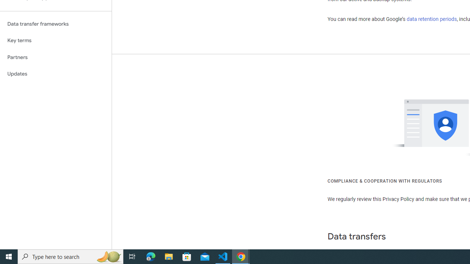  I want to click on 'Type here to search', so click(70, 256).